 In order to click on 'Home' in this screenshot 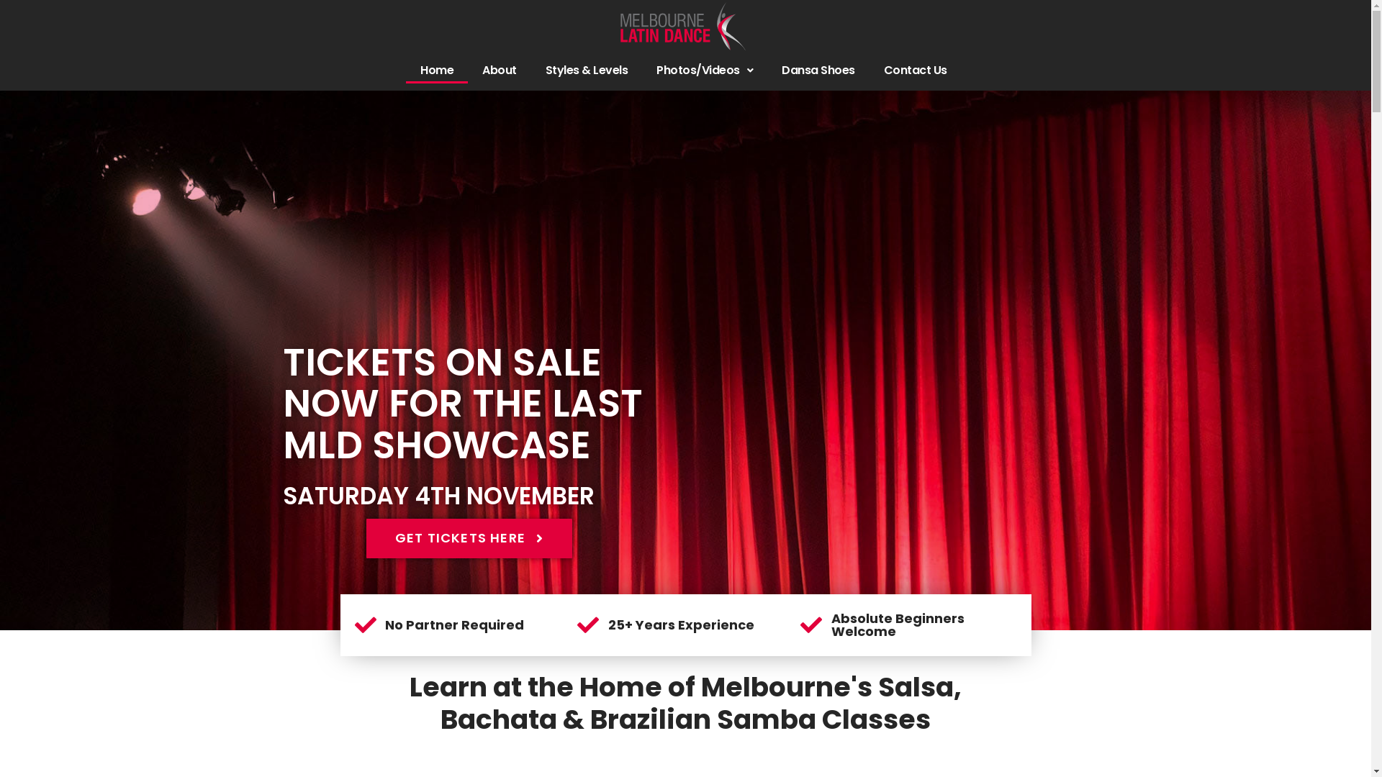, I will do `click(435, 70)`.